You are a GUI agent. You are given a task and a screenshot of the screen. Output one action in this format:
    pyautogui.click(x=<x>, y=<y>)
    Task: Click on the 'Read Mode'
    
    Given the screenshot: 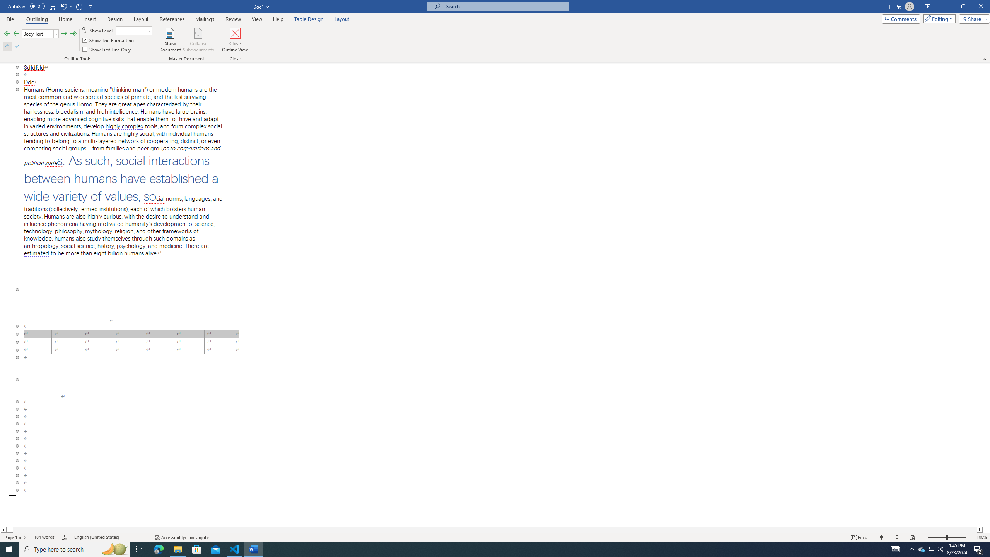 What is the action you would take?
    pyautogui.click(x=881, y=537)
    